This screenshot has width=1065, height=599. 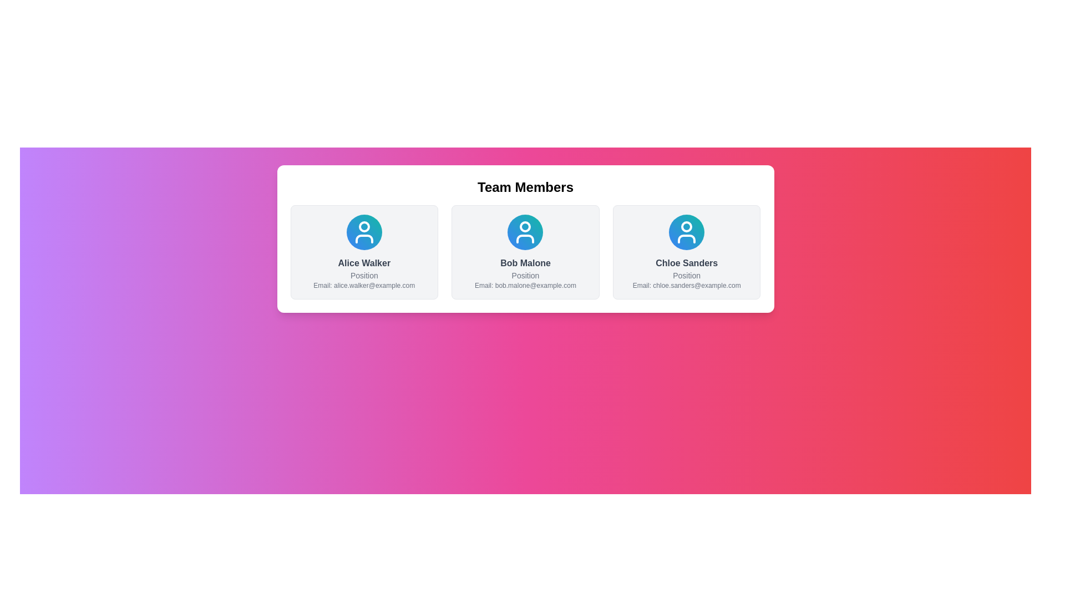 I want to click on the static text label displaying the email address associated with 'Alice Walker', located at the bottom of her card, so click(x=364, y=285).